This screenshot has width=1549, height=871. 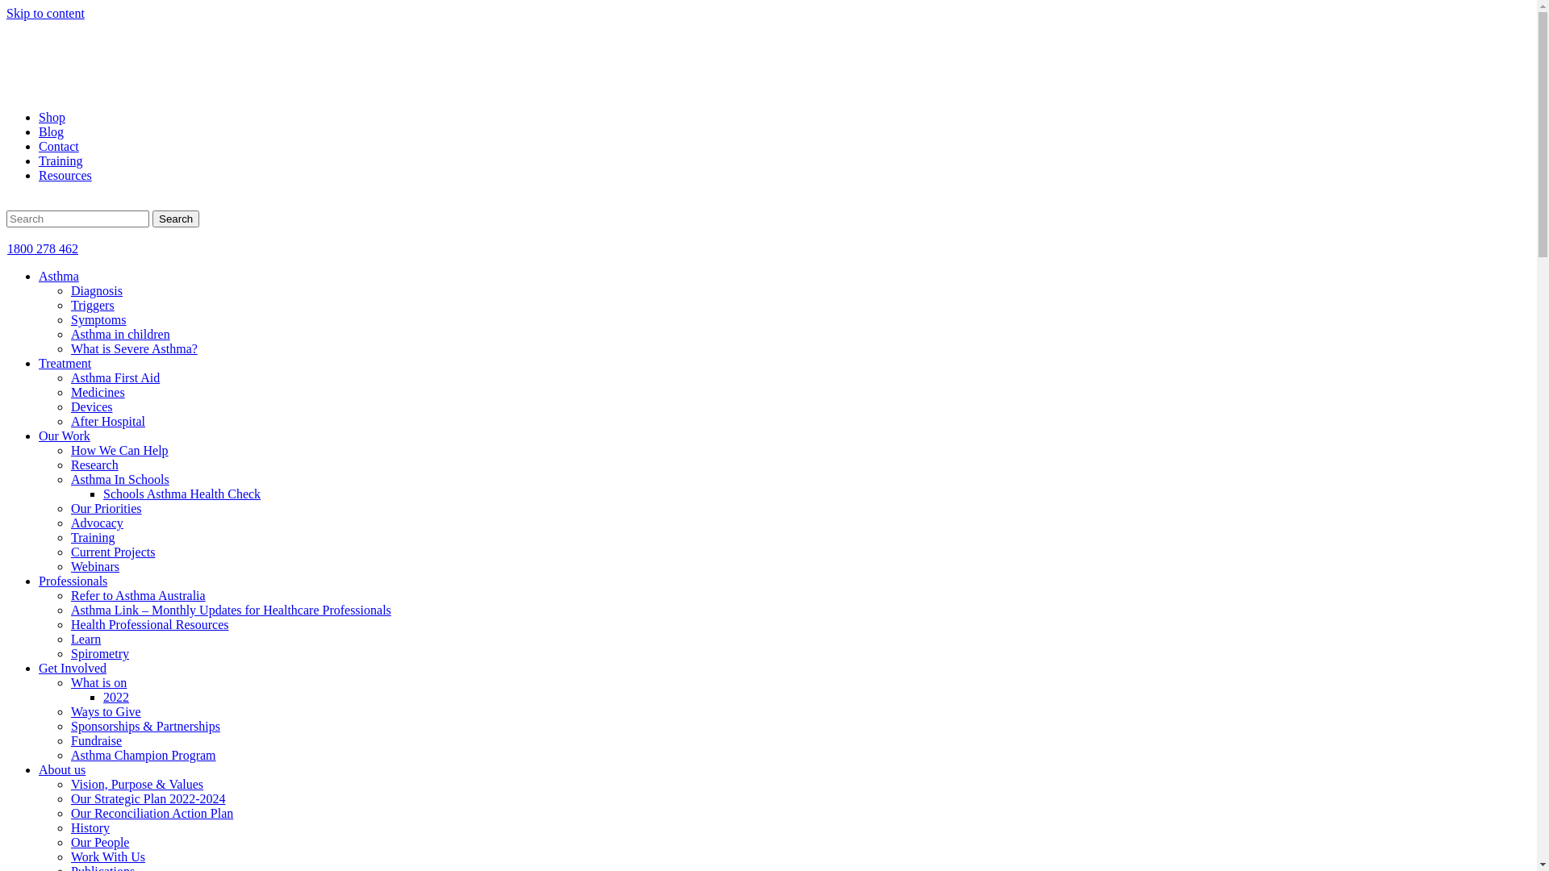 I want to click on 'Skip to content', so click(x=45, y=13).